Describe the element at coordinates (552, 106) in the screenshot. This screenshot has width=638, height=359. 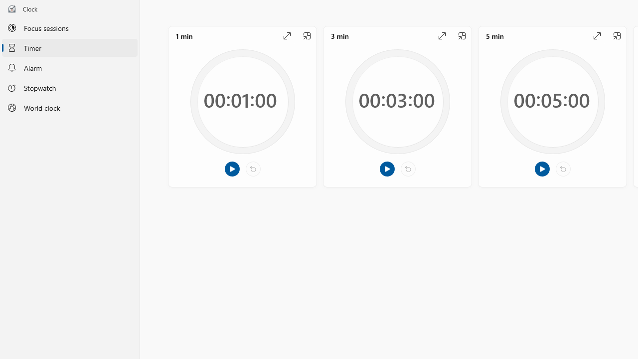
I see `'Edit timer, 5 min, Not Started, 5 minutes 0 seconds'` at that location.